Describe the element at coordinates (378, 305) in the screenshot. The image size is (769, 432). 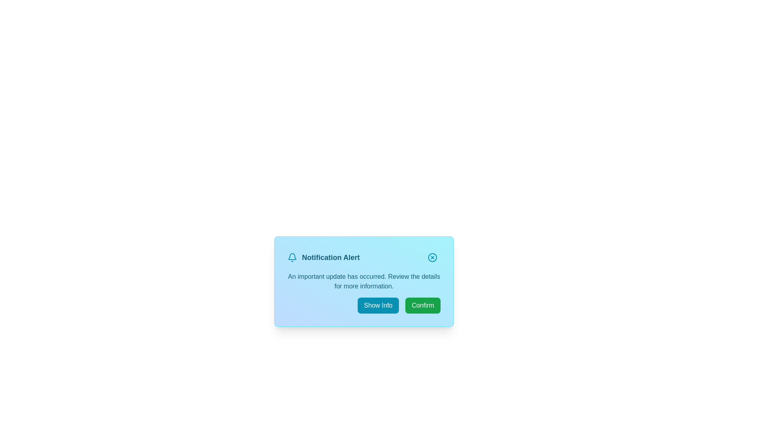
I see `the 'Show Info' button to toggle additional details` at that location.